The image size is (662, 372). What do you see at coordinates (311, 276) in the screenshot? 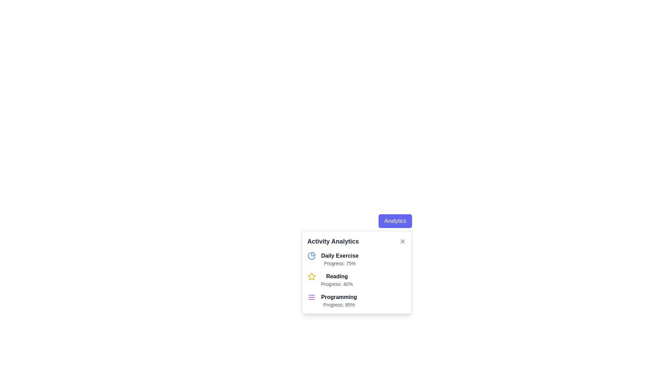
I see `the star icon in the analytics panel that indicates the 'Reading' activity progress` at bounding box center [311, 276].